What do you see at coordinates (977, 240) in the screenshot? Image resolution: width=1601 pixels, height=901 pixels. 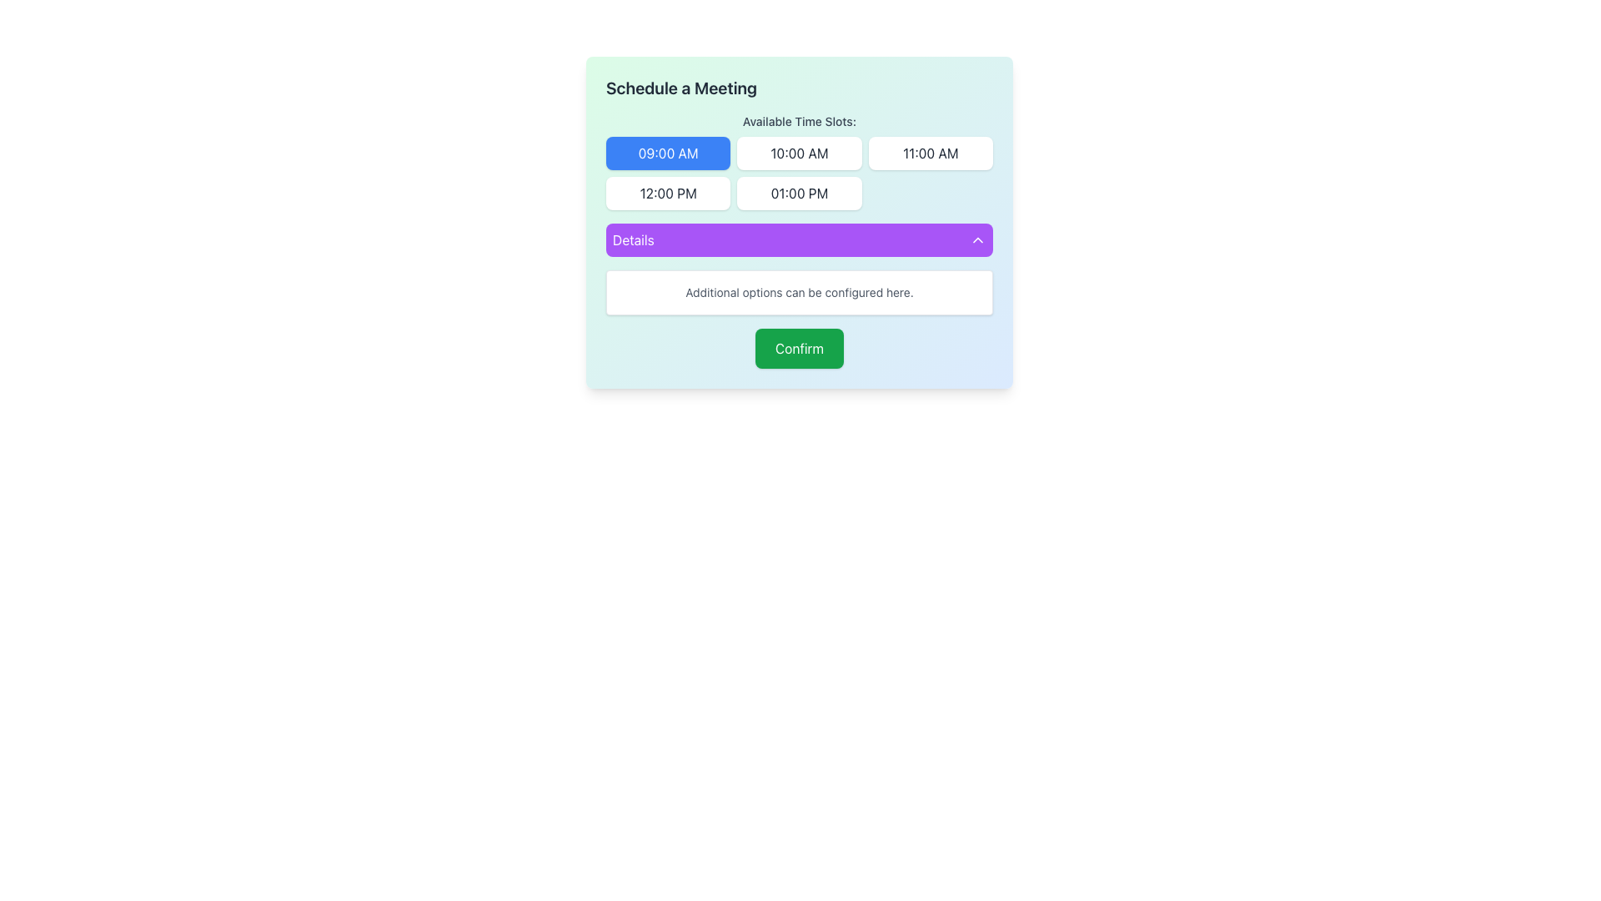 I see `the upward-pointing chevron icon on the right side of the 'Details' bar` at bounding box center [977, 240].